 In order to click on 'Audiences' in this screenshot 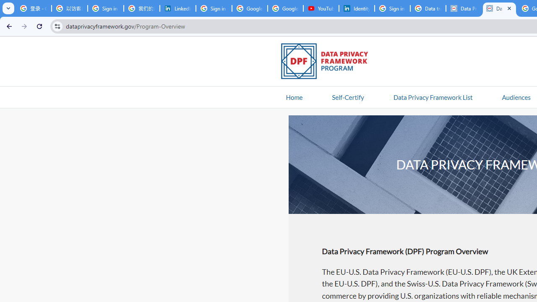, I will do `click(516, 96)`.